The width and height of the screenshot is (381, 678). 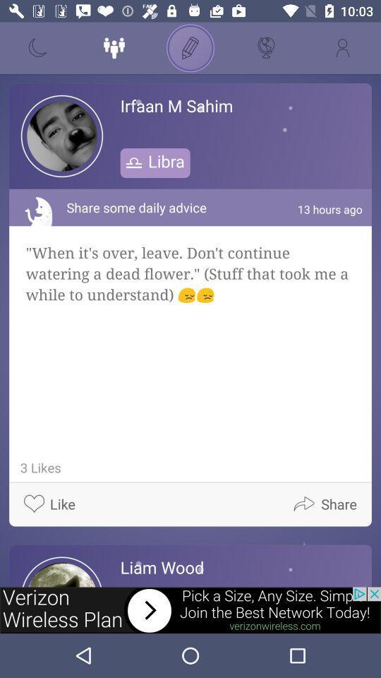 I want to click on pencil button, so click(x=190, y=48).